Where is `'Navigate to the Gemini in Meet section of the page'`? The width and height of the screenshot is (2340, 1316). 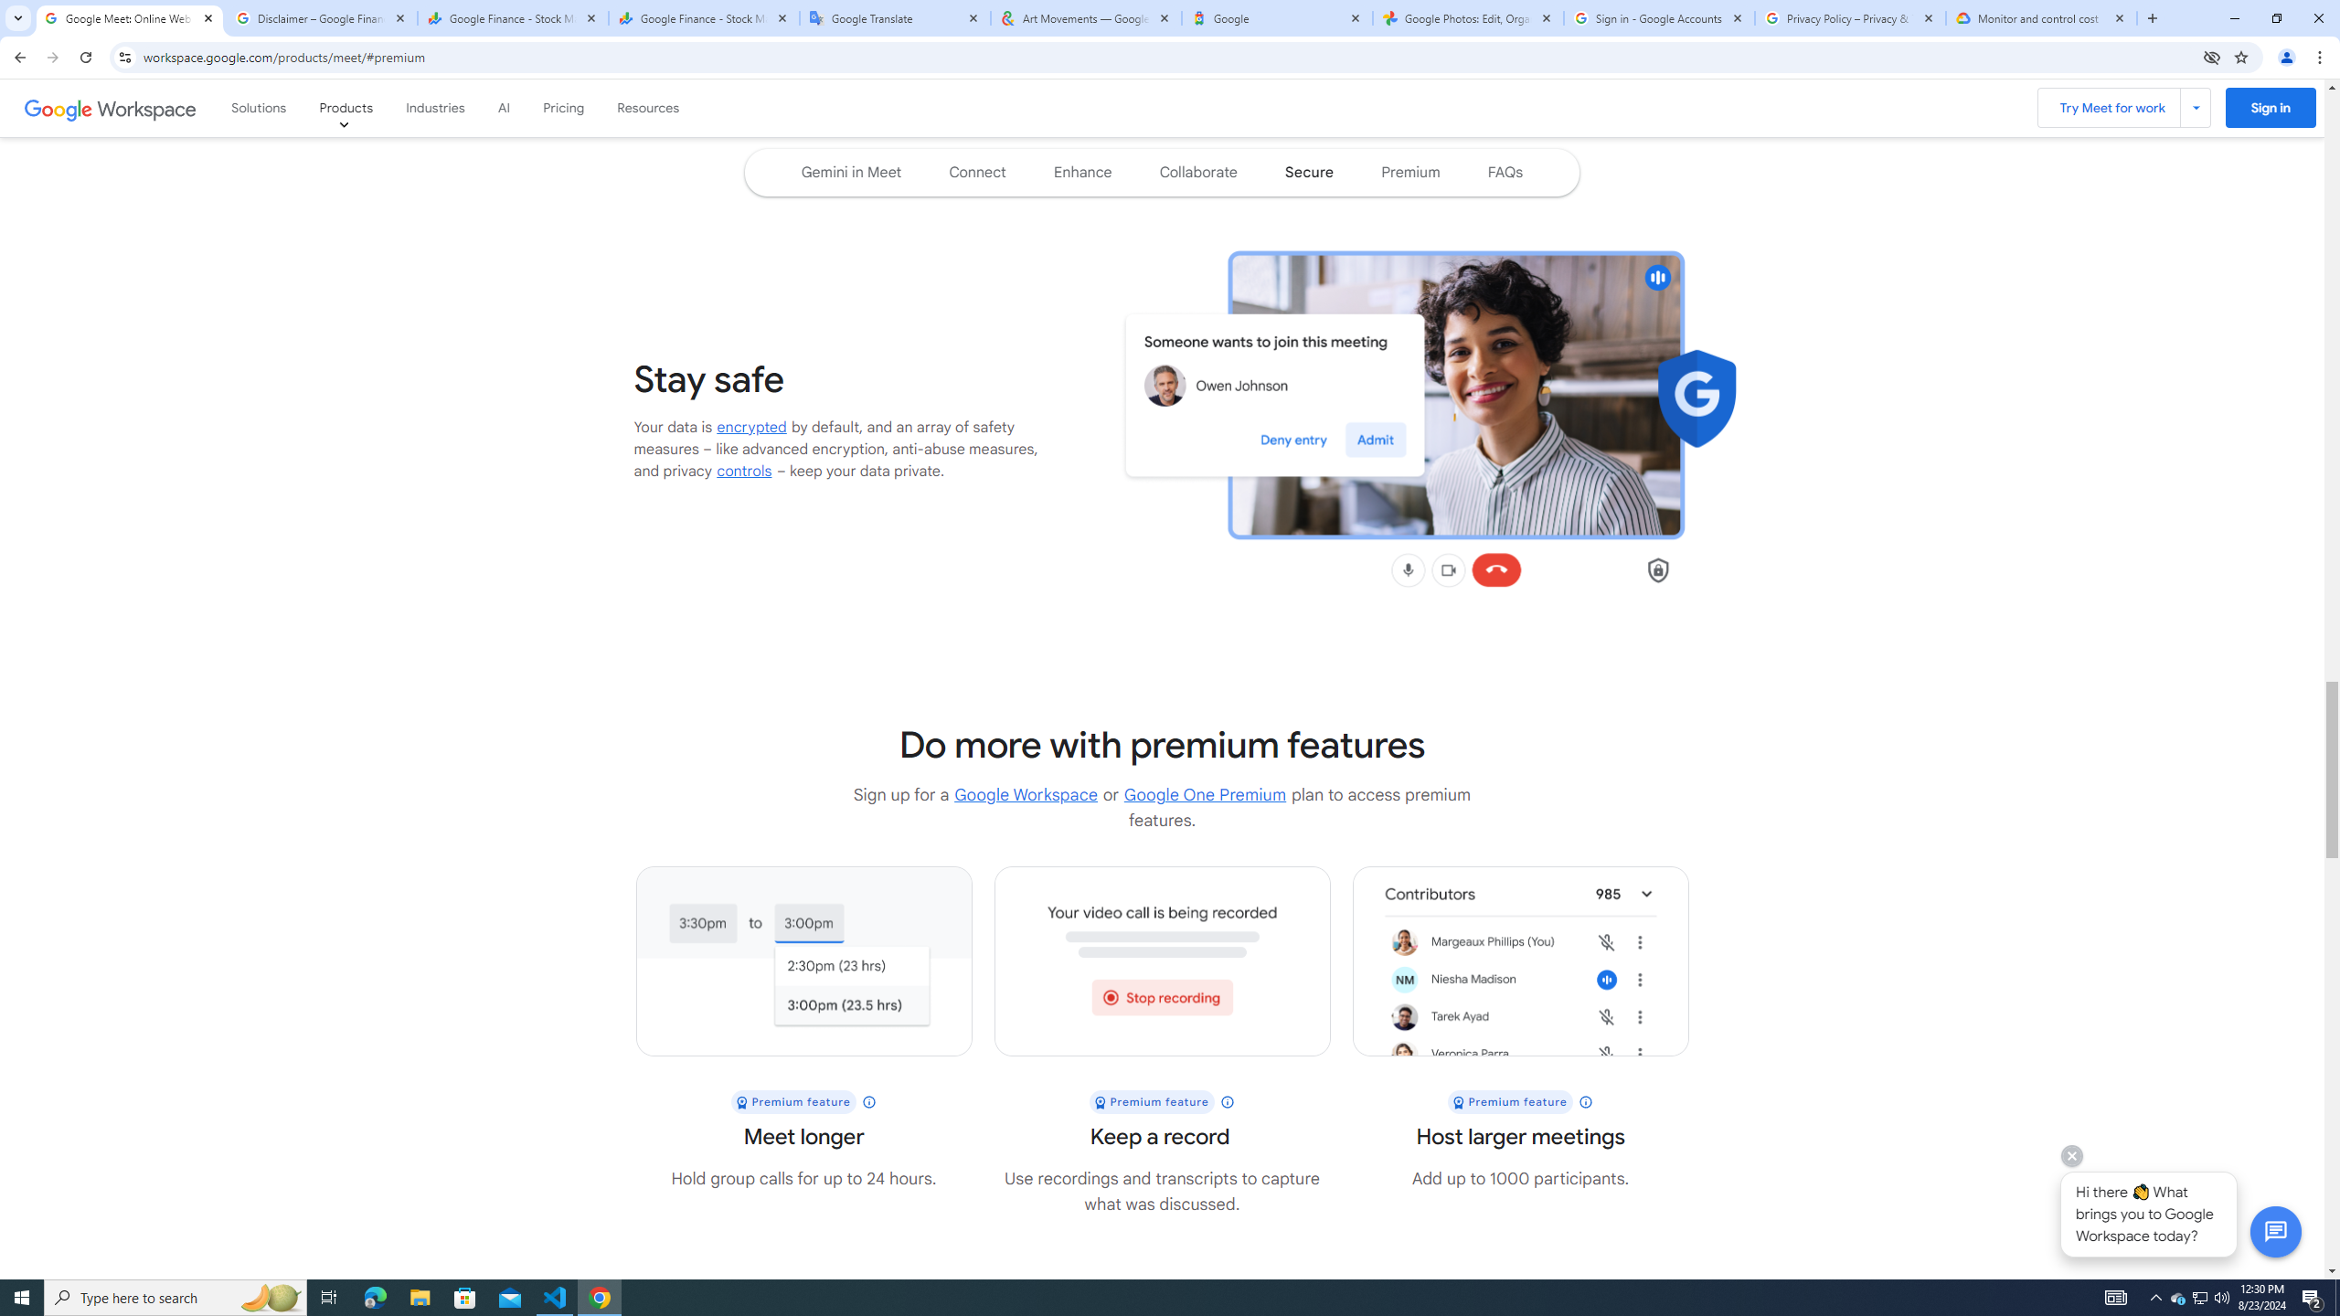 'Navigate to the Gemini in Meet section of the page' is located at coordinates (850, 172).